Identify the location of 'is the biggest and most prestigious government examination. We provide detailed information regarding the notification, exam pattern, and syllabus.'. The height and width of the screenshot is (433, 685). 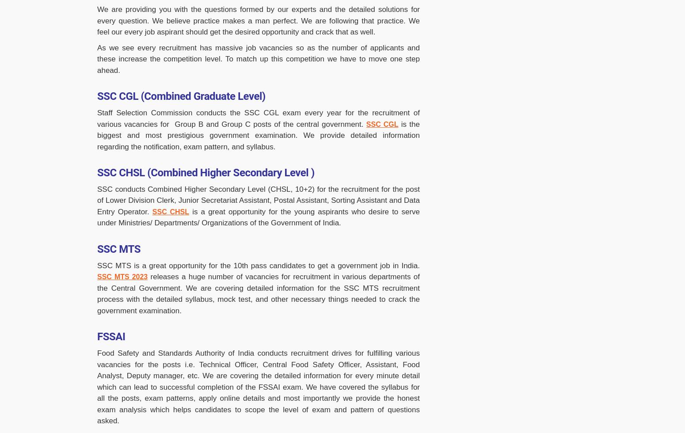
(258, 135).